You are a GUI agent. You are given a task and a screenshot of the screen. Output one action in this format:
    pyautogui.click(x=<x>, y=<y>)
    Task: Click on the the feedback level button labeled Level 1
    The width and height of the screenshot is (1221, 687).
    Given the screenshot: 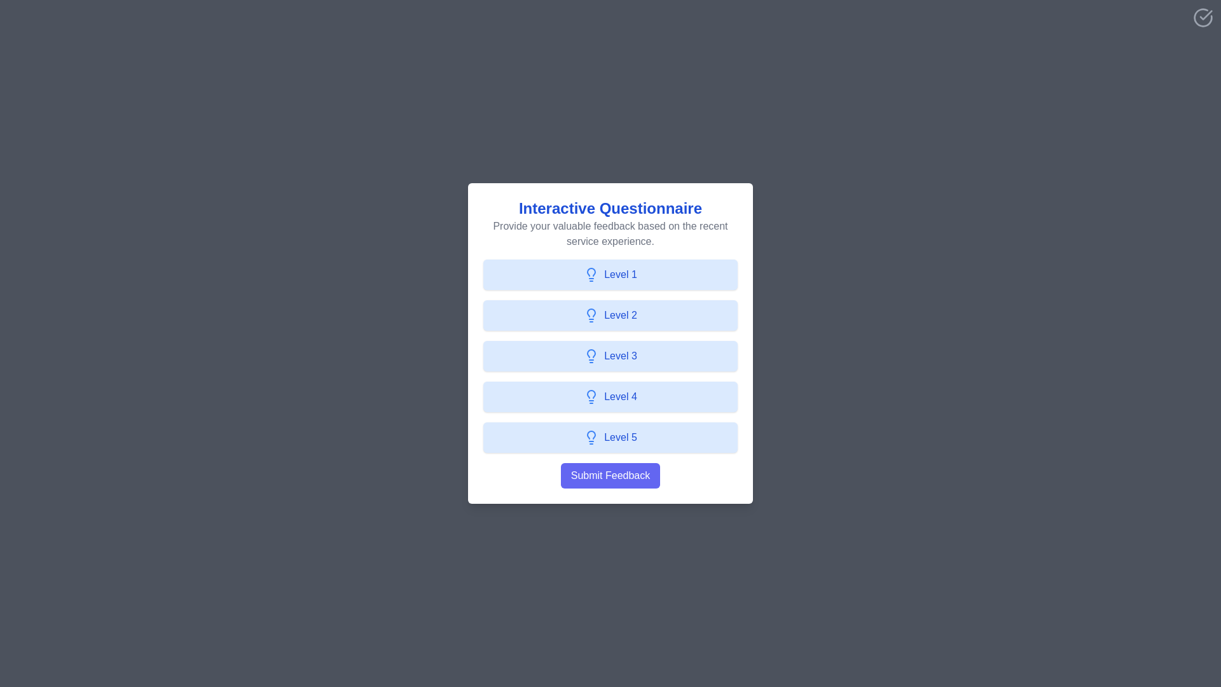 What is the action you would take?
    pyautogui.click(x=610, y=274)
    